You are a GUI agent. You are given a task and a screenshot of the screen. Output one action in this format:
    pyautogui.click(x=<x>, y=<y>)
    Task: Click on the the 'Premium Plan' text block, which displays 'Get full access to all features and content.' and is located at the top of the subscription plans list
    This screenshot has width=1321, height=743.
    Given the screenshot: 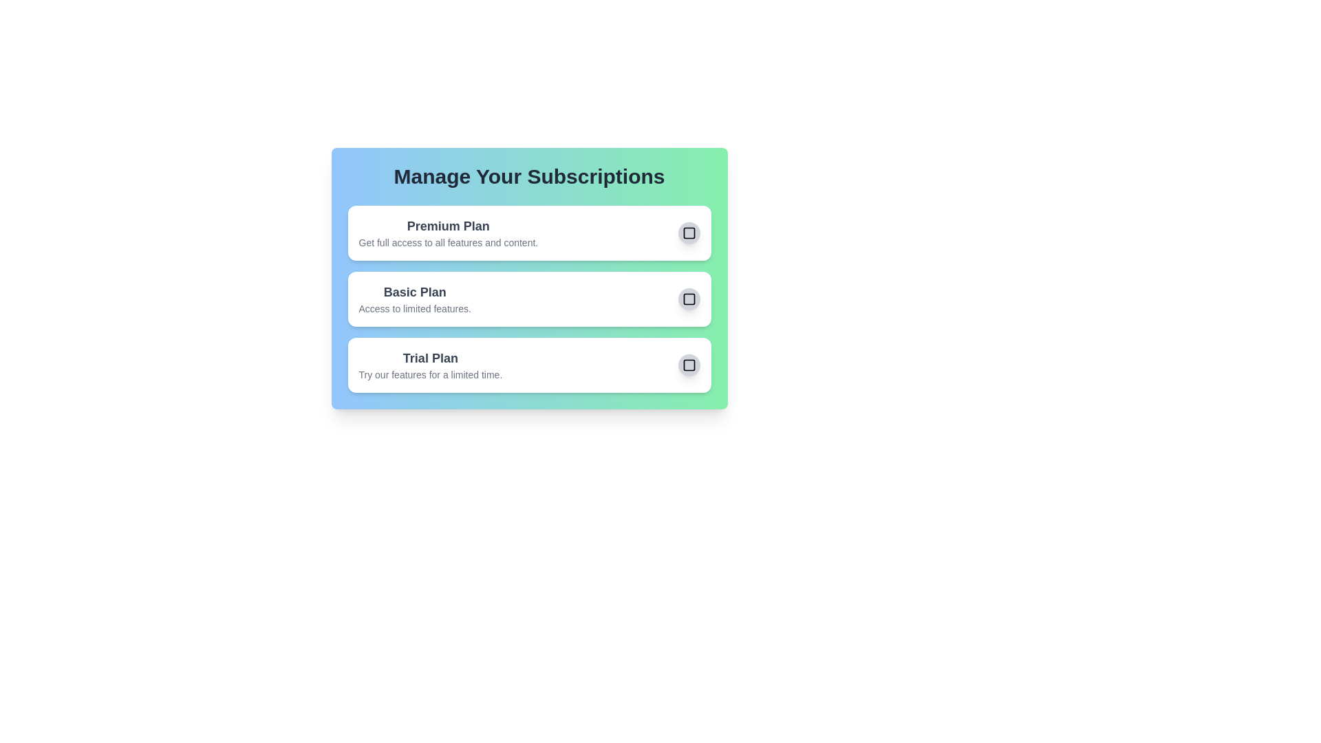 What is the action you would take?
    pyautogui.click(x=448, y=233)
    